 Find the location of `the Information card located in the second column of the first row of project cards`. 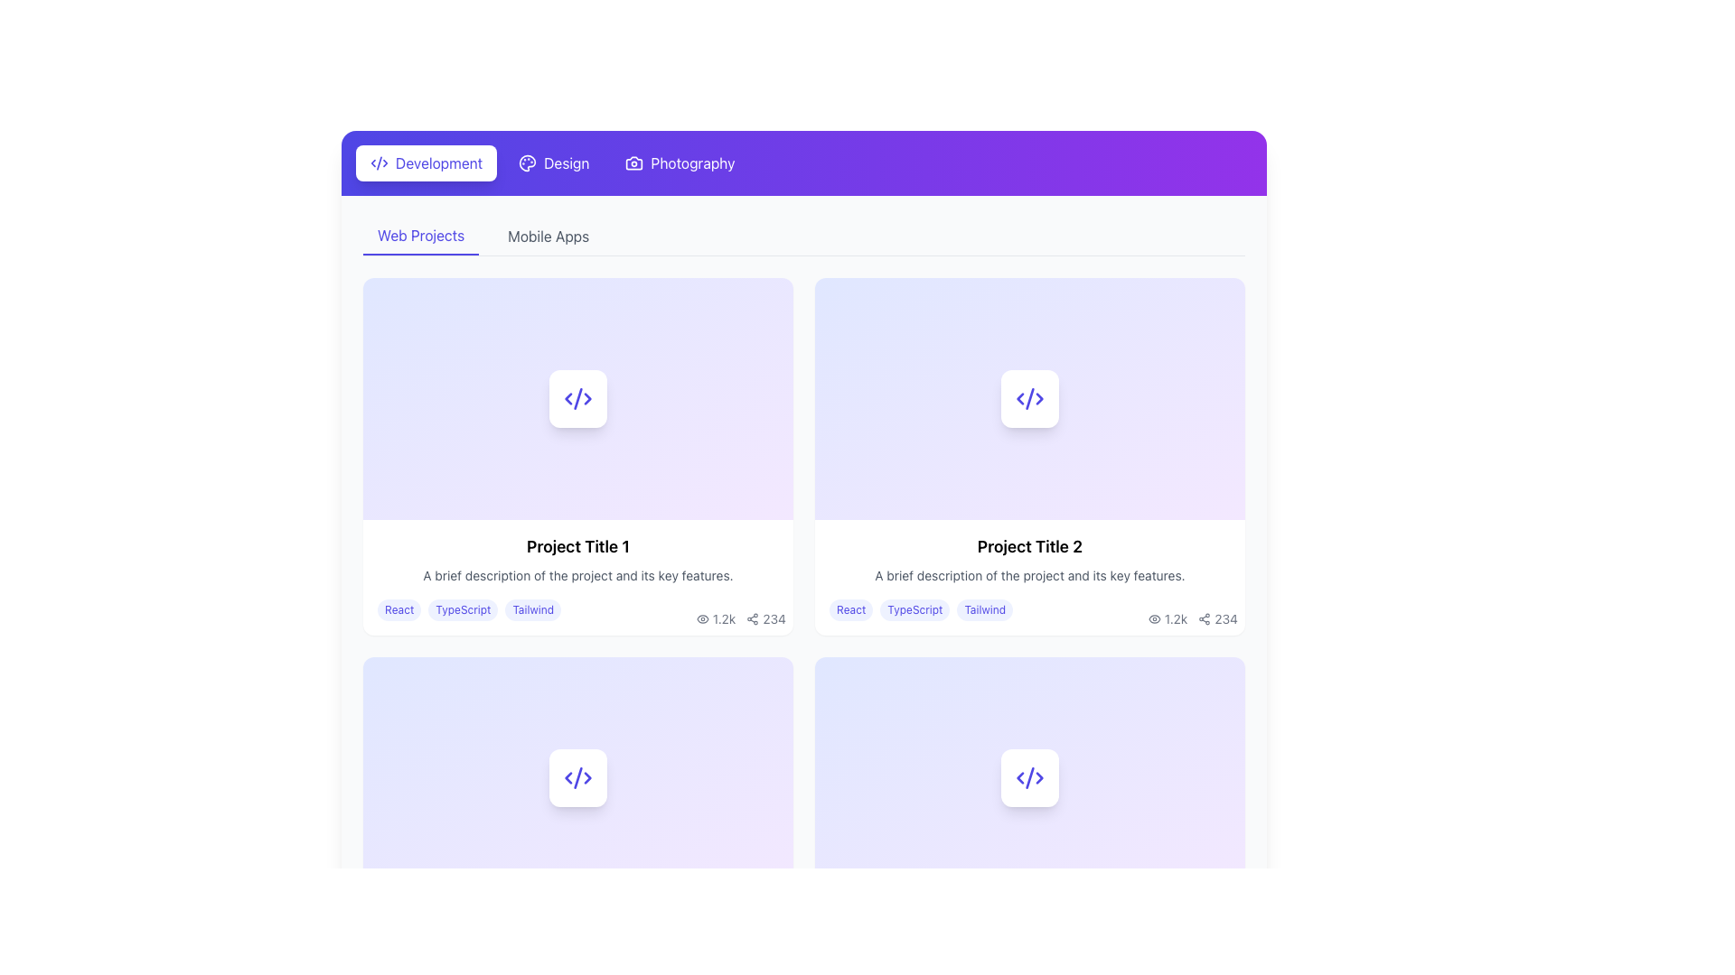

the Information card located in the second column of the first row of project cards is located at coordinates (1030, 455).